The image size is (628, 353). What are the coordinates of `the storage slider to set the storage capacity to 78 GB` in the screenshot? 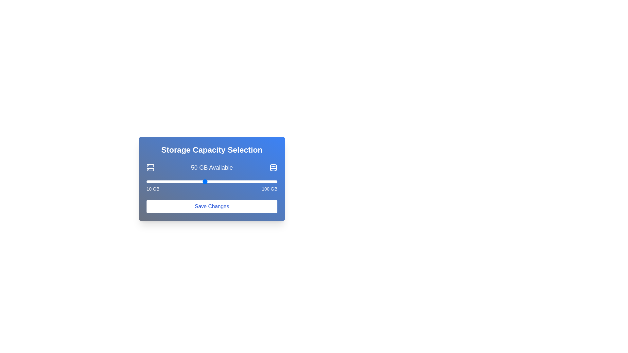 It's located at (245, 181).